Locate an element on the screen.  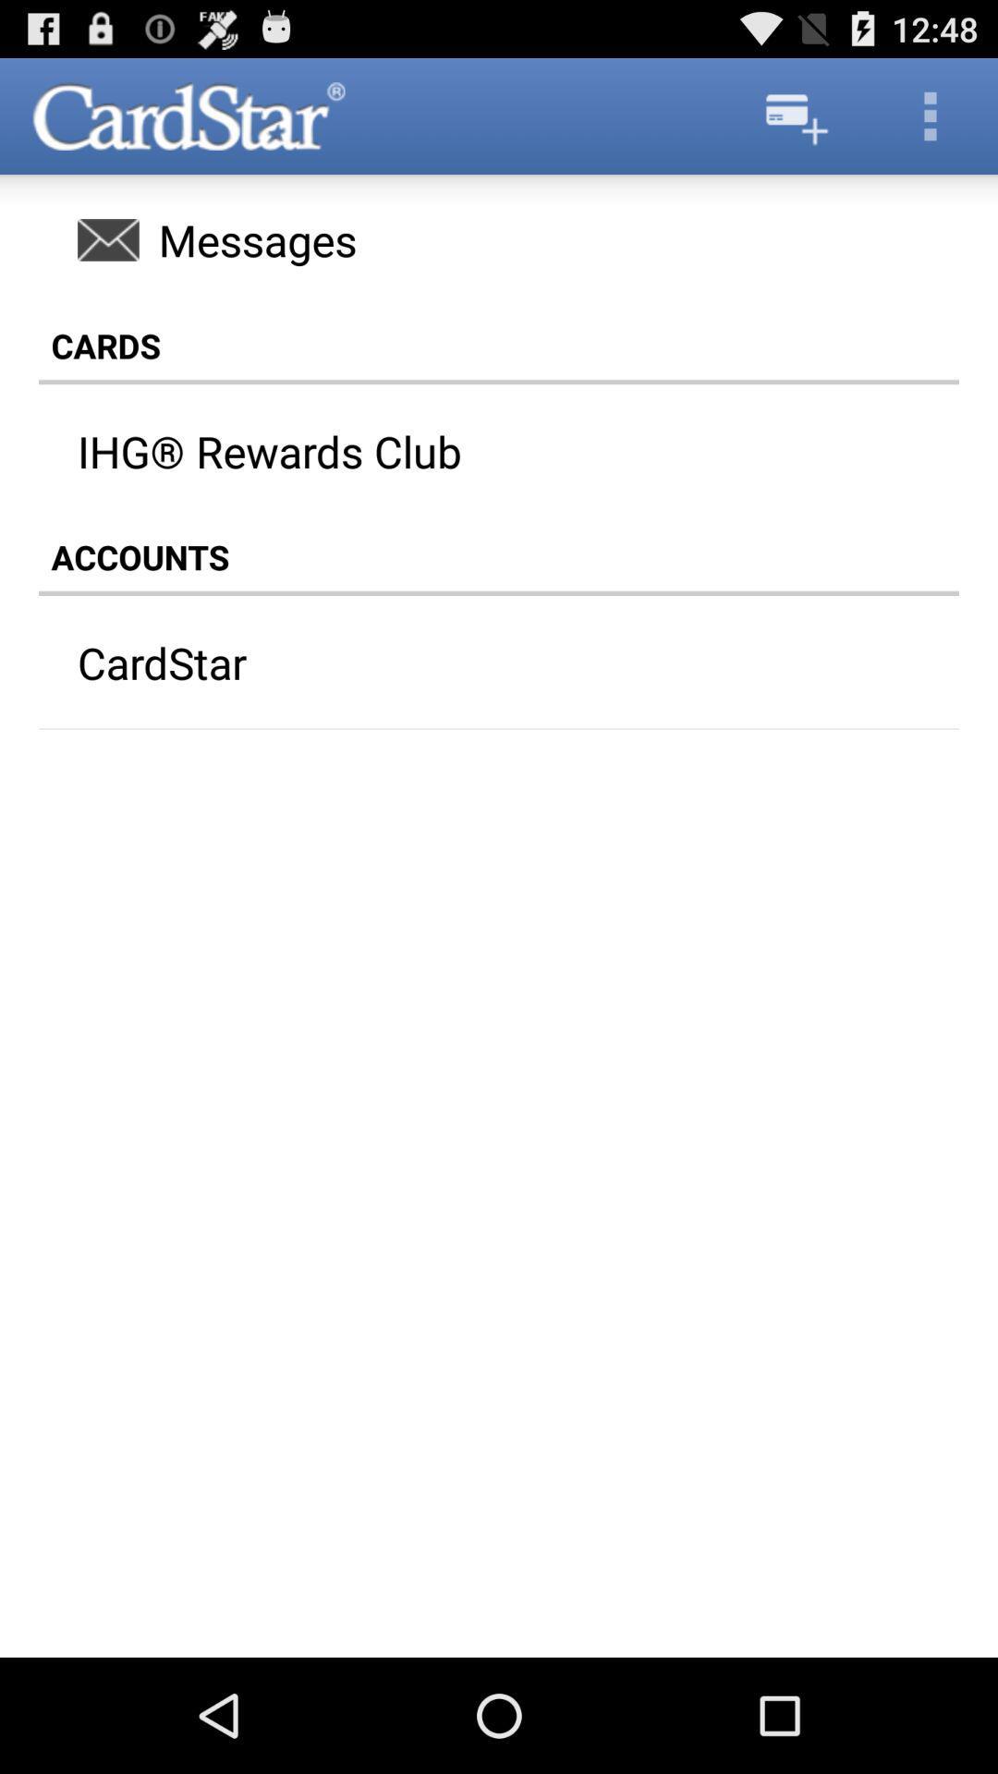
messages app is located at coordinates (499, 238).